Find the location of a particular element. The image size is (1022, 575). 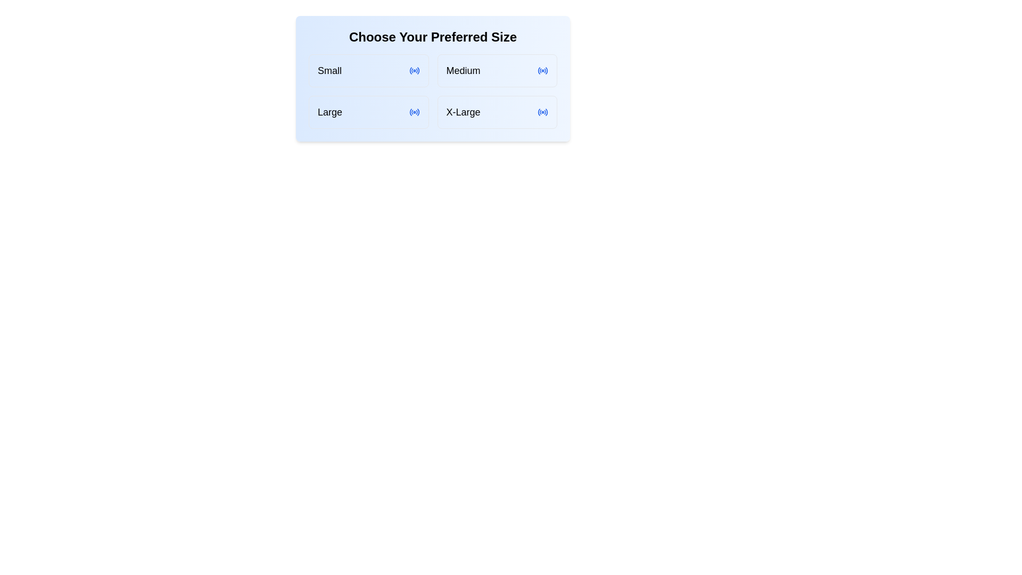

the leftmost segment of the radio button icon in the 'Small' options grid cell, which visually enhances the icon's aesthetic as an indicator for selection is located at coordinates (410, 70).